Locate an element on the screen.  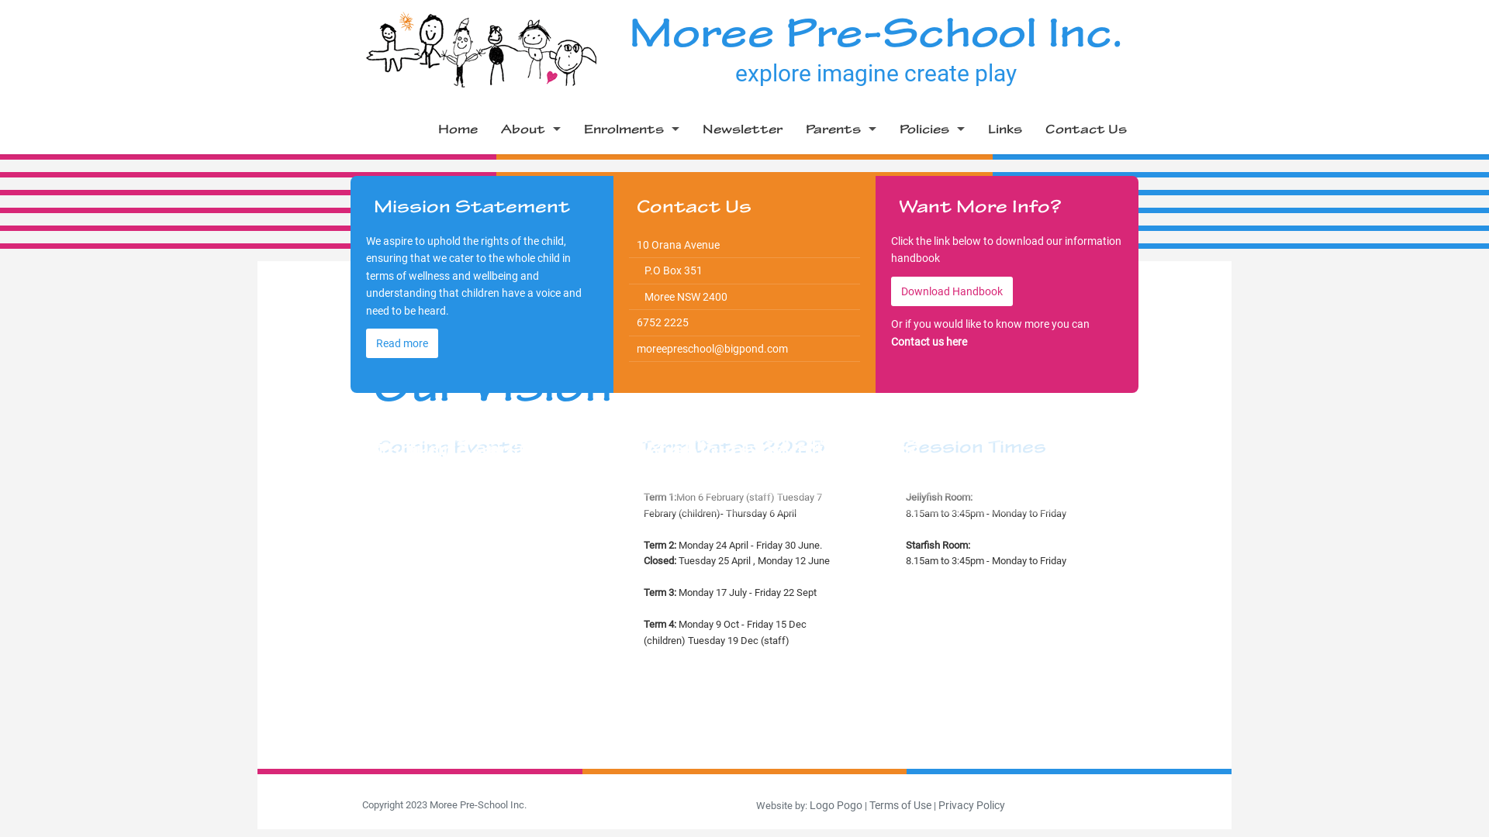
'Staff Profiles' is located at coordinates (530, 198).